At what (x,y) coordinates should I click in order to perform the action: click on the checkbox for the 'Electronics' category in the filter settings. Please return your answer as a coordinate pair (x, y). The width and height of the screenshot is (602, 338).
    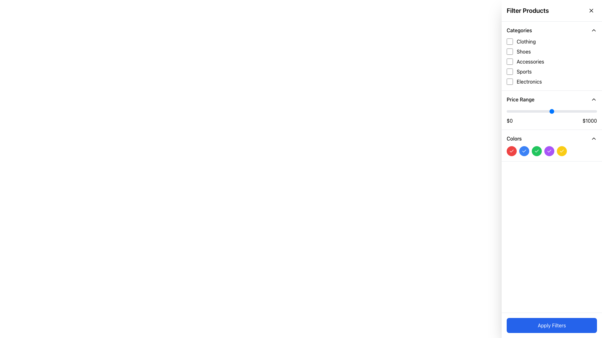
    Looking at the image, I should click on (510, 81).